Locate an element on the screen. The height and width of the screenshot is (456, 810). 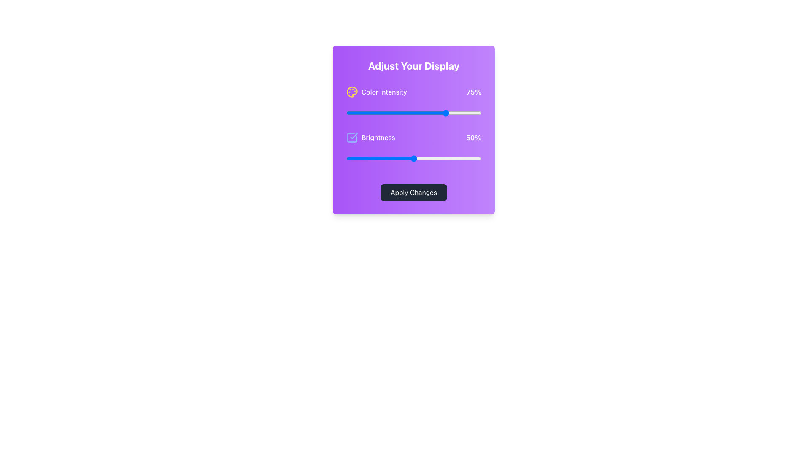
the painter's palette icon, which has a circular outline with multiple small holes, located to the left of 'Color Intensity' and before '75%', in the 'Adjust Your Display' dialog box is located at coordinates (352, 92).